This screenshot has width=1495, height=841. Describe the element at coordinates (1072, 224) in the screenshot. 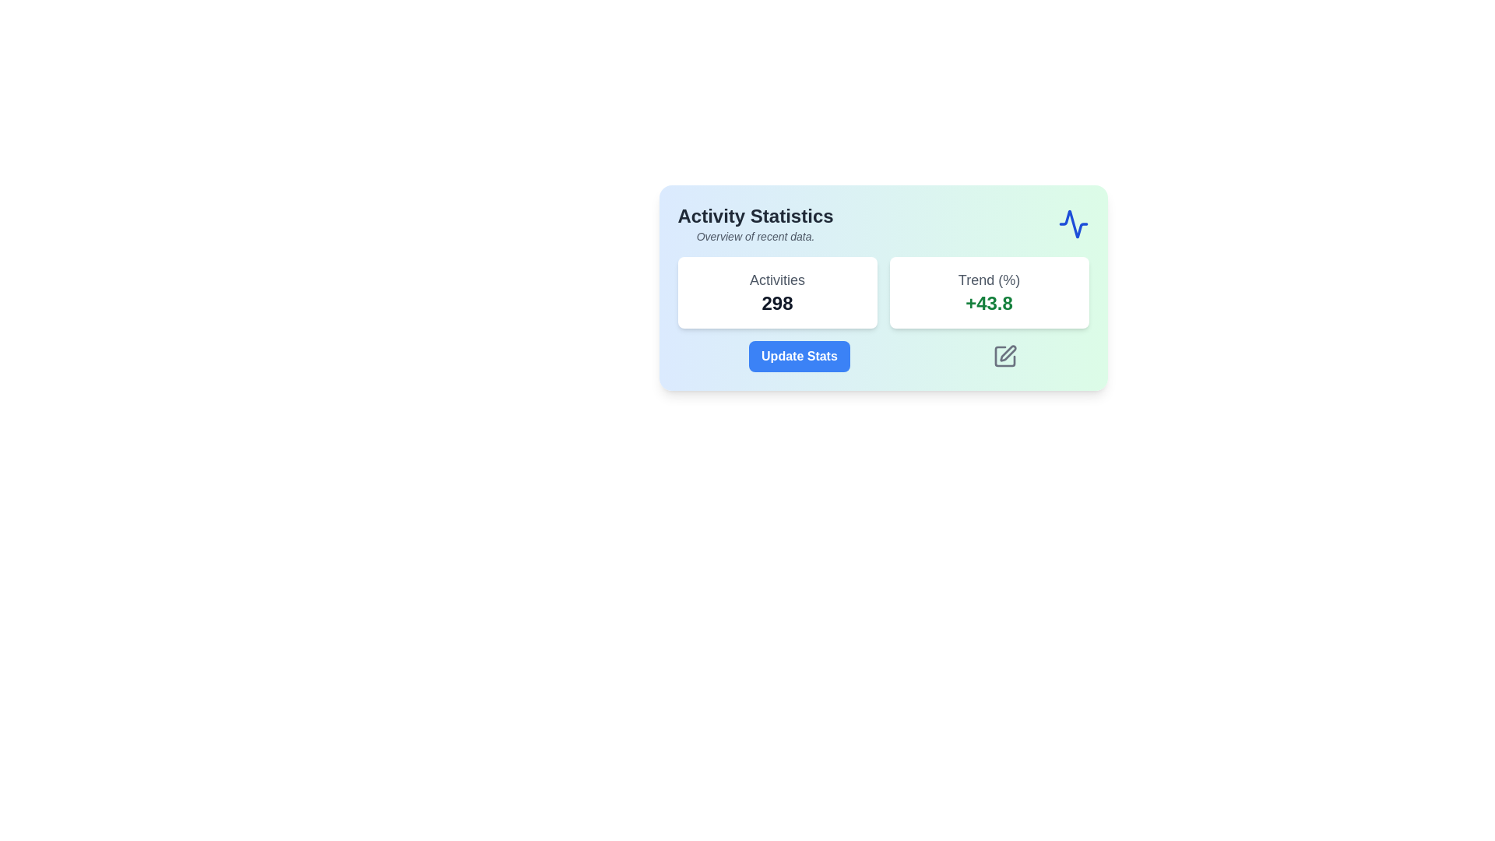

I see `the decorative icon representing activity statistics located at the top-right corner of the 'Activity Statistics' section` at that location.